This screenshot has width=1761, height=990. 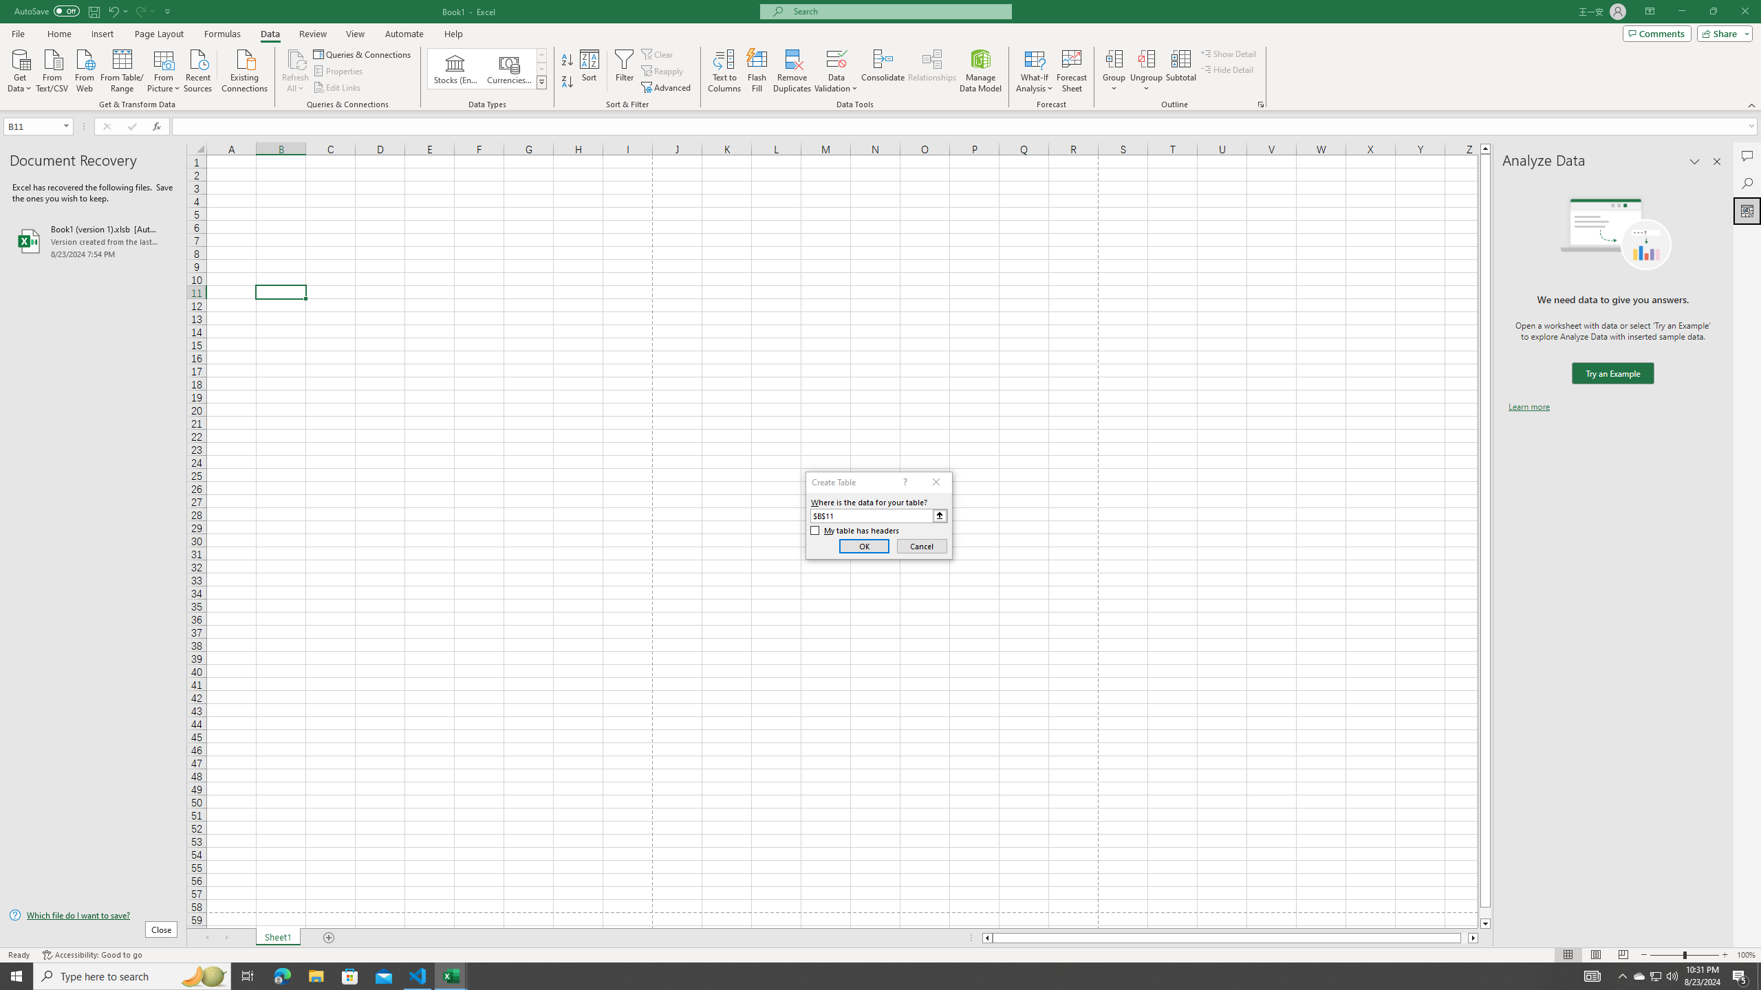 What do you see at coordinates (1567, 955) in the screenshot?
I see `'Normal'` at bounding box center [1567, 955].